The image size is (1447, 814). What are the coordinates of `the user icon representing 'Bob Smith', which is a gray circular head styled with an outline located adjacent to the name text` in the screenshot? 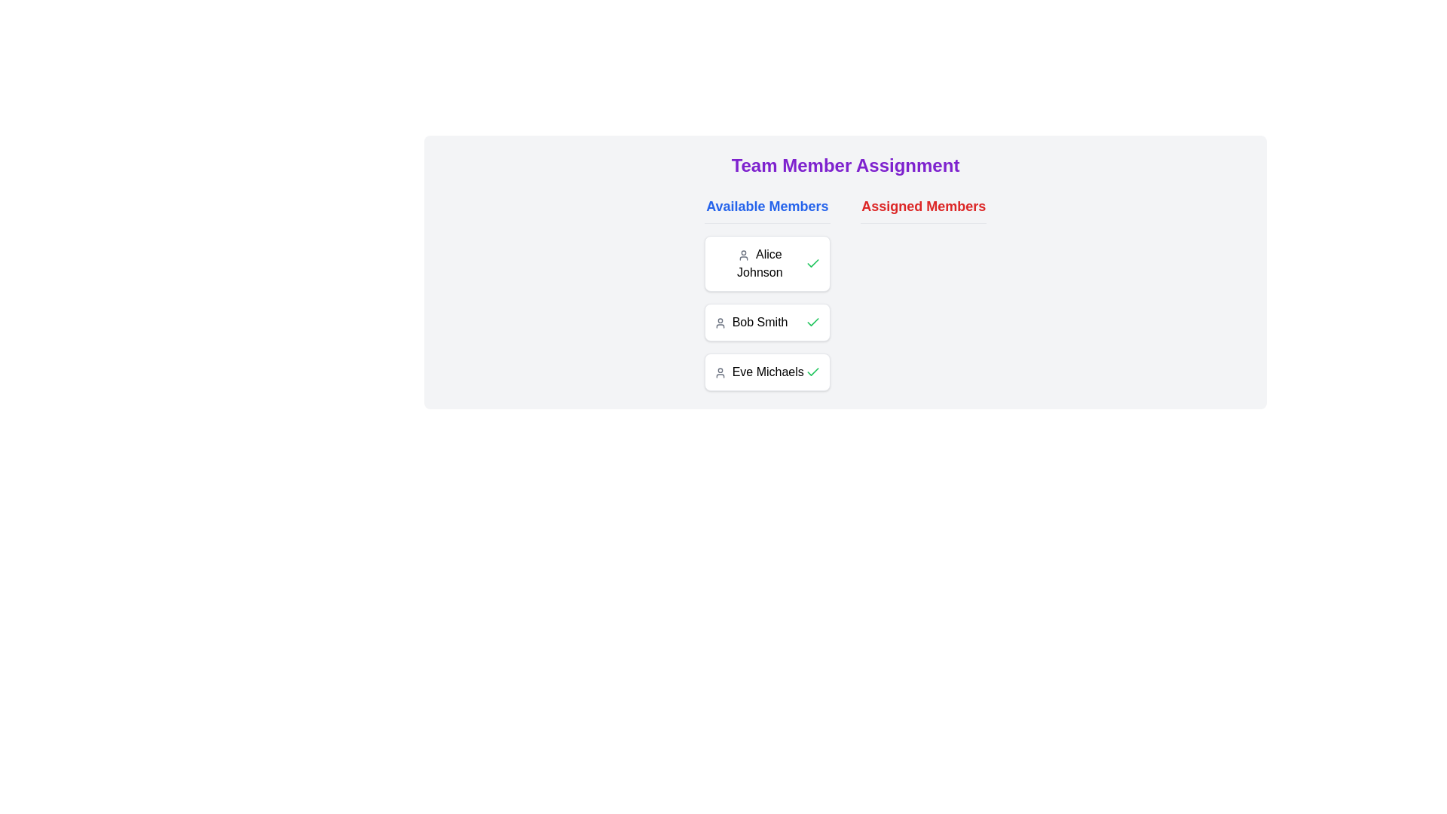 It's located at (719, 322).